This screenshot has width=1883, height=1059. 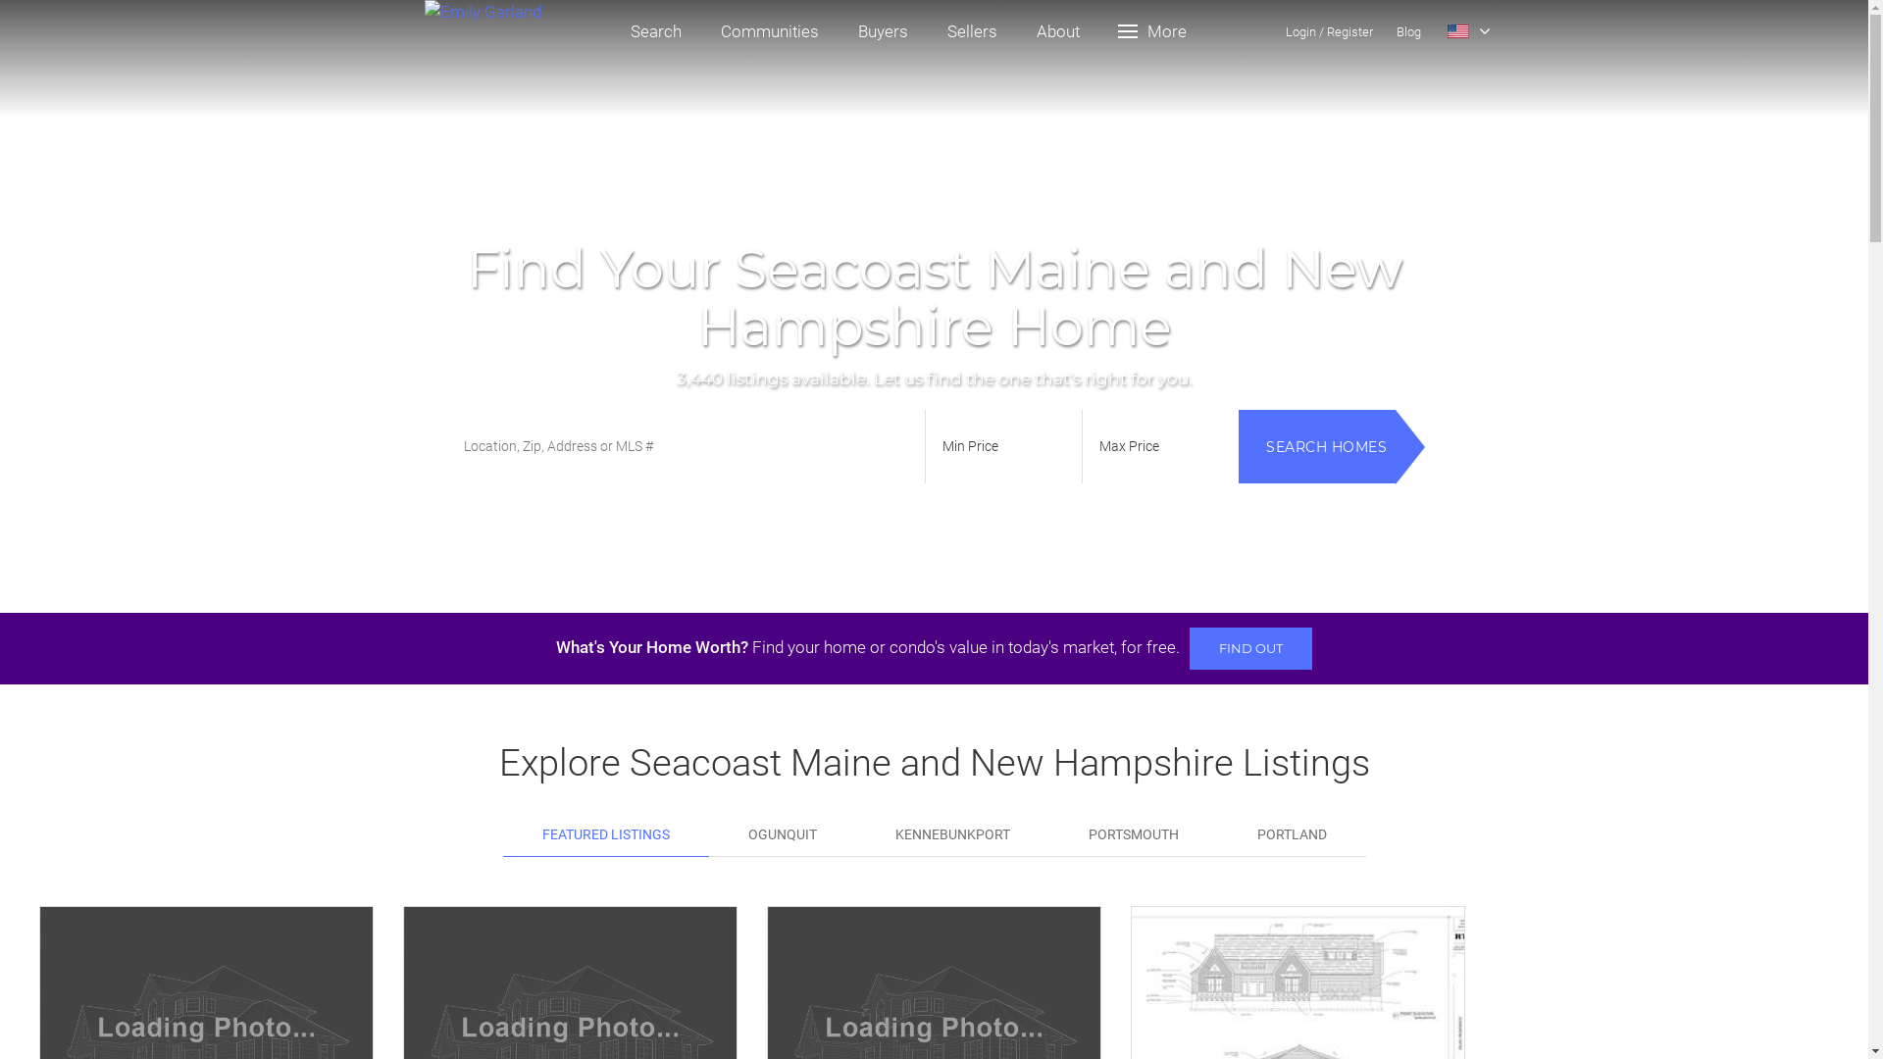 What do you see at coordinates (1285, 31) in the screenshot?
I see `'Login/'` at bounding box center [1285, 31].